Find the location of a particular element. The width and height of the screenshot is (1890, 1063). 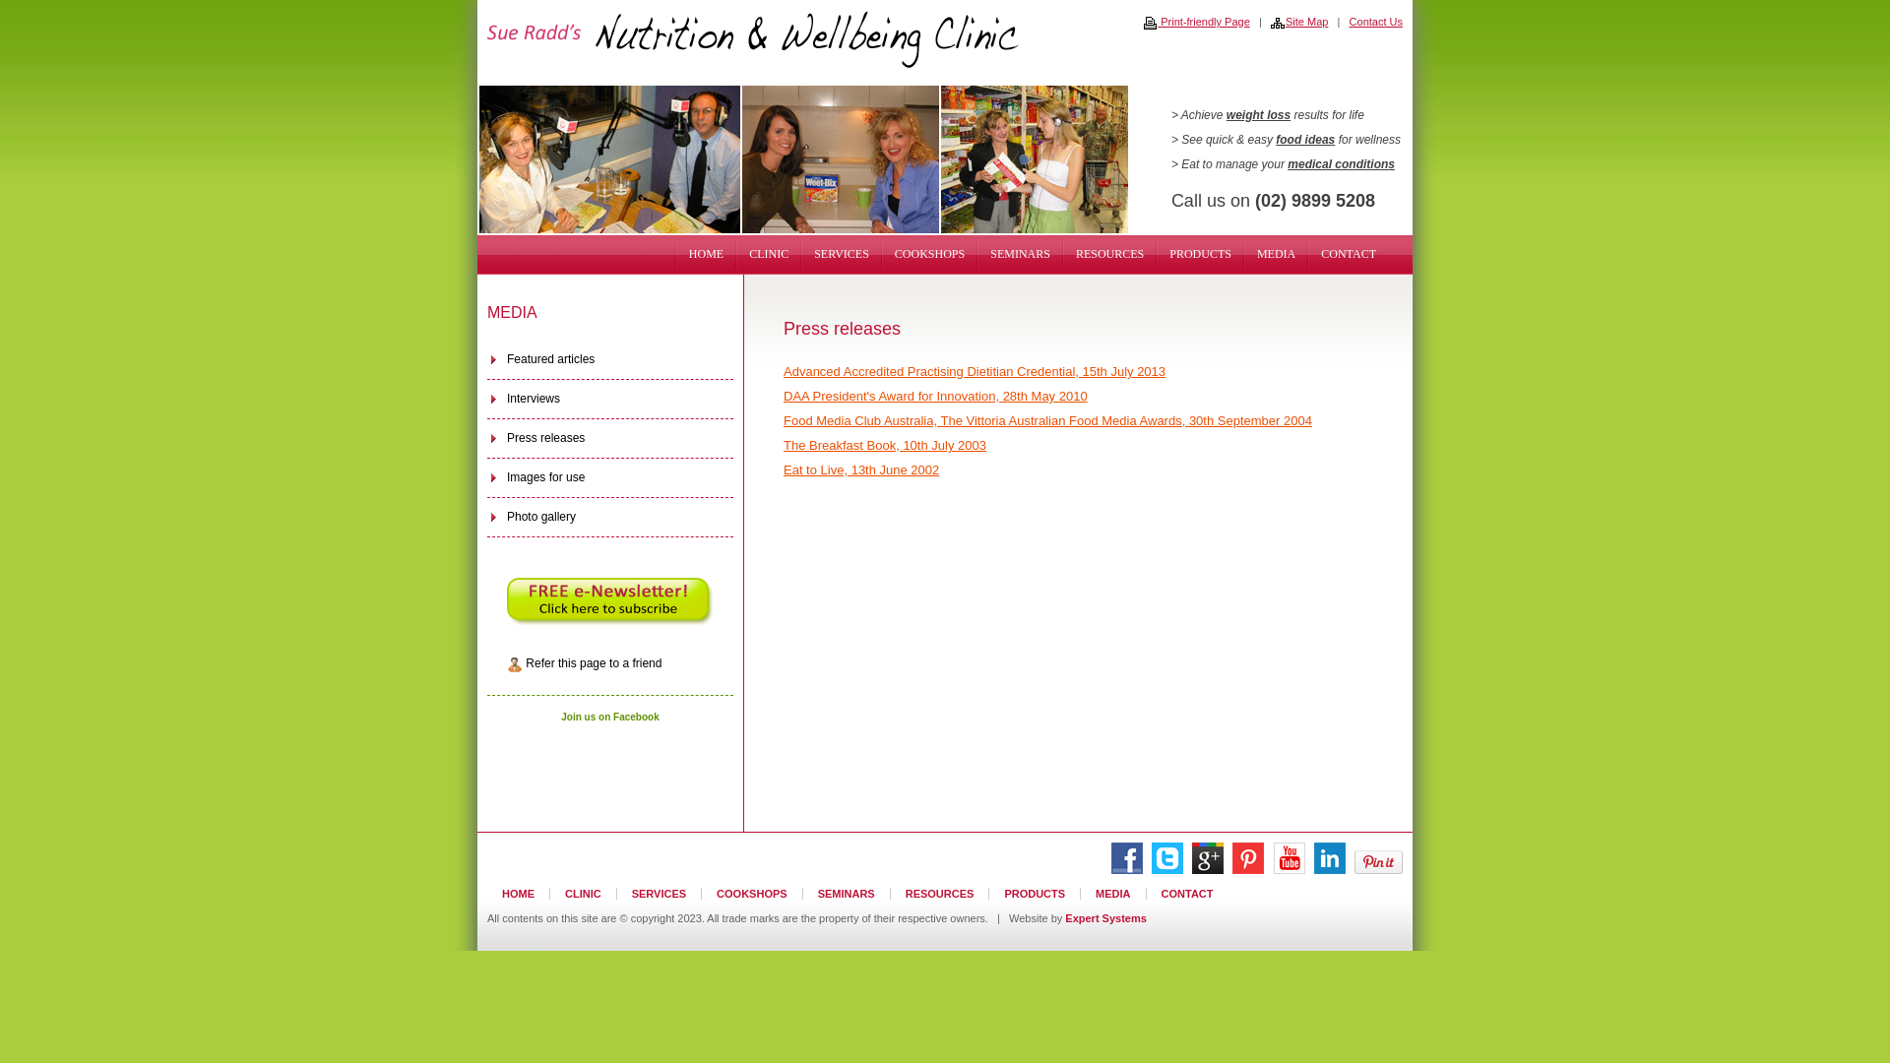

'Site Map' is located at coordinates (1299, 22).